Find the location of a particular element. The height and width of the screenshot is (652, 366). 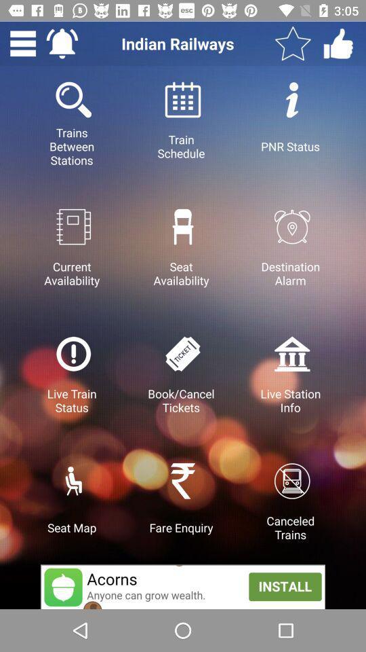

item above the trains between stations icon is located at coordinates (22, 43).